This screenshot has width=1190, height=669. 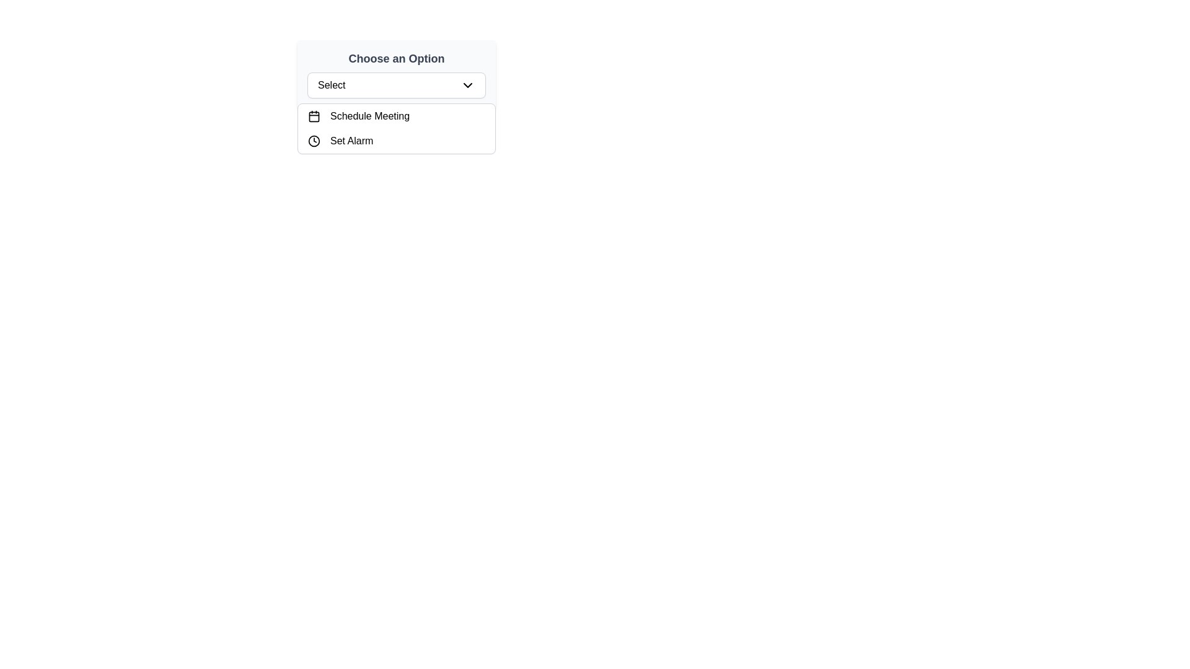 I want to click on the calendar icon located to the left of the 'Schedule Meeting' text within the first selectable item of the 'Choose an Option' list box, so click(x=314, y=116).